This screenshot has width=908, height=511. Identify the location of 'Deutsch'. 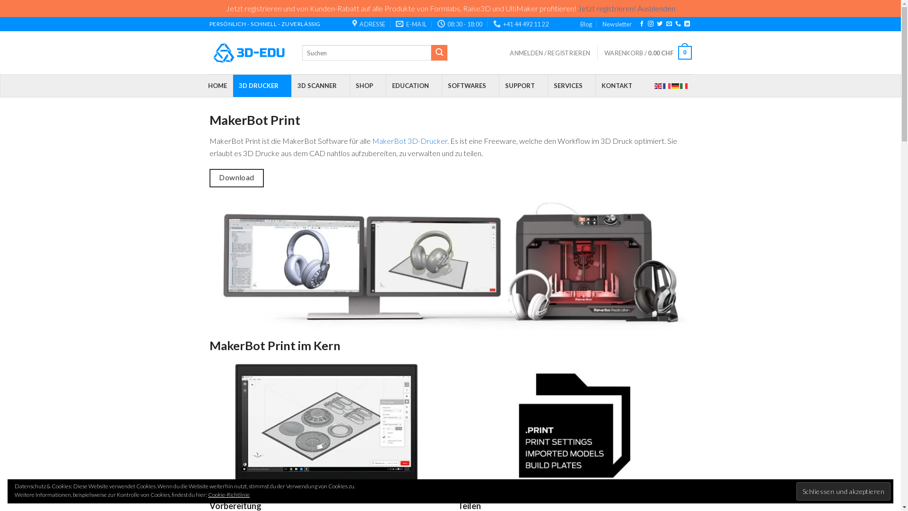
(671, 85).